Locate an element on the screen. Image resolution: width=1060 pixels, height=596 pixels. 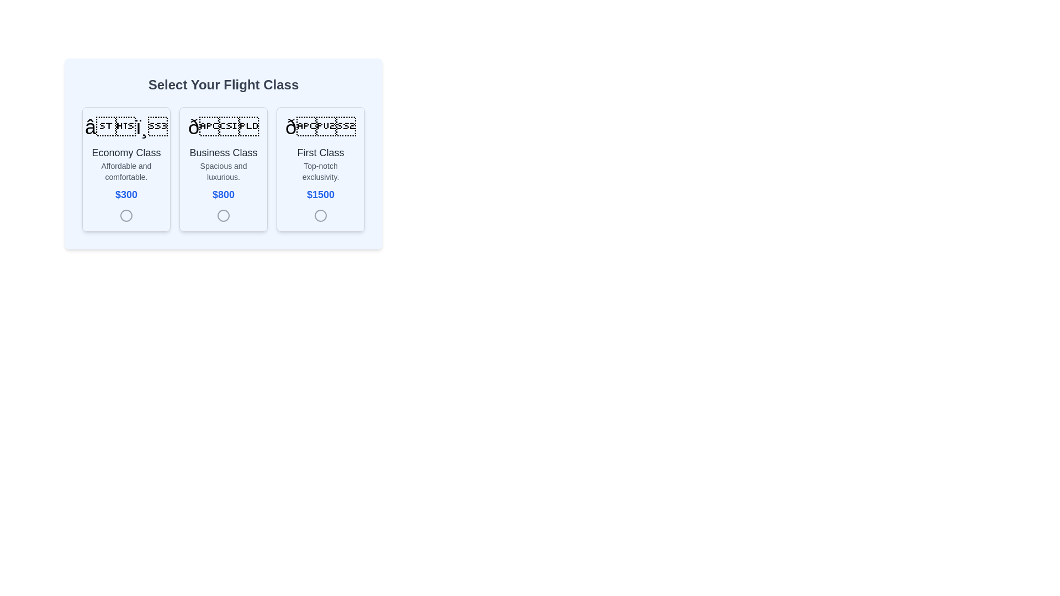
the radio button indicator located at the bottom-right of the 'First Class' card, centered below the '$1500' text is located at coordinates (320, 215).